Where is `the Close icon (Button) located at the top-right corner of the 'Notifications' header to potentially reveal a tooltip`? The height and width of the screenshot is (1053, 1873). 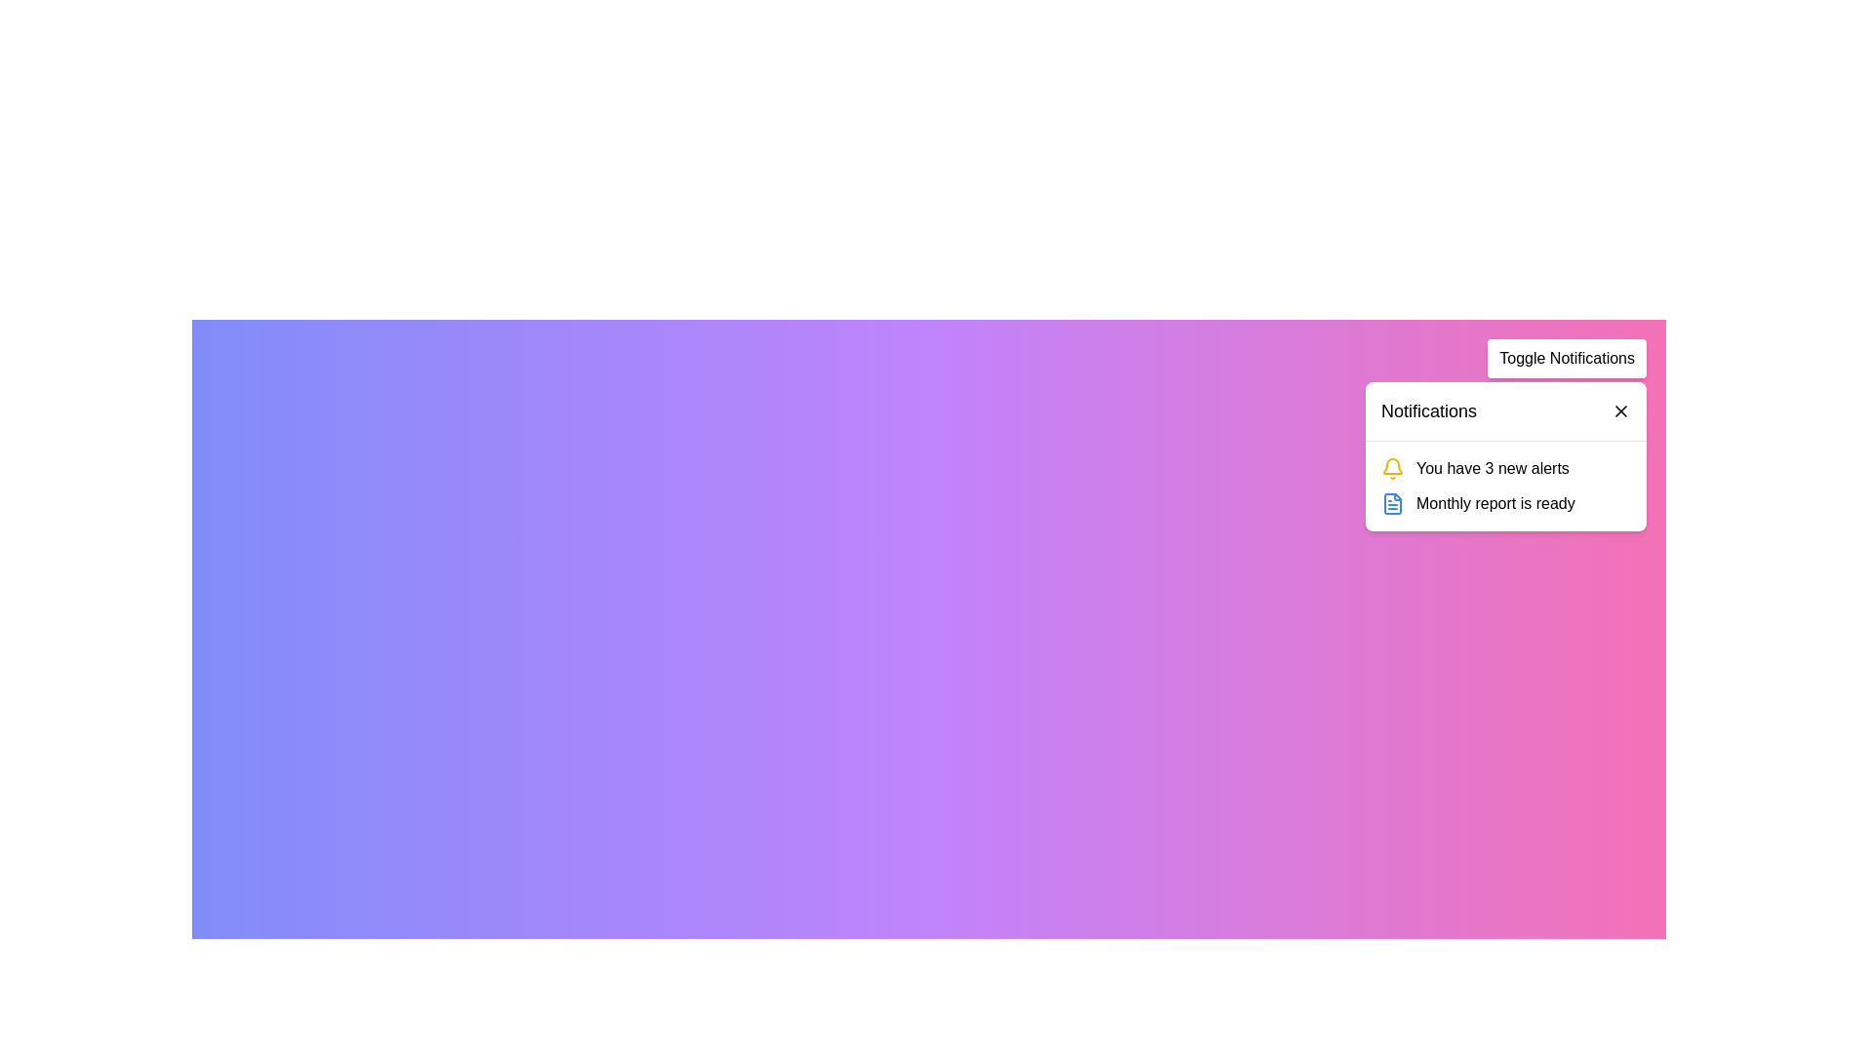 the Close icon (Button) located at the top-right corner of the 'Notifications' header to potentially reveal a tooltip is located at coordinates (1620, 409).